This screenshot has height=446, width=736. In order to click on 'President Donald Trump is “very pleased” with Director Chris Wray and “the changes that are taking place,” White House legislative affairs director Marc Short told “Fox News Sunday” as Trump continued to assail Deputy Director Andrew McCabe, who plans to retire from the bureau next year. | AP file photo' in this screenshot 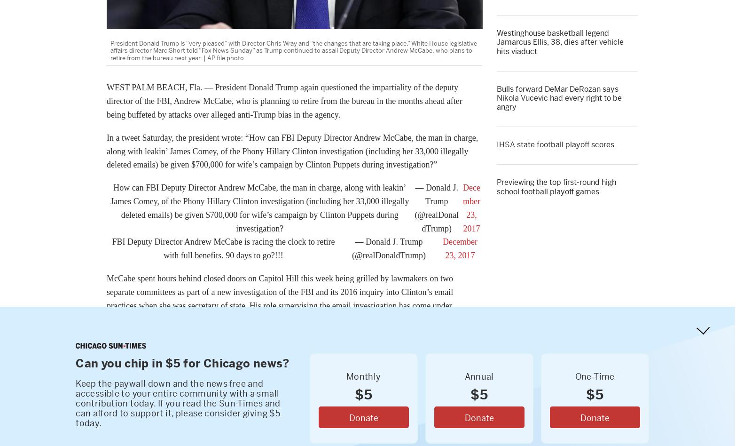, I will do `click(293, 50)`.